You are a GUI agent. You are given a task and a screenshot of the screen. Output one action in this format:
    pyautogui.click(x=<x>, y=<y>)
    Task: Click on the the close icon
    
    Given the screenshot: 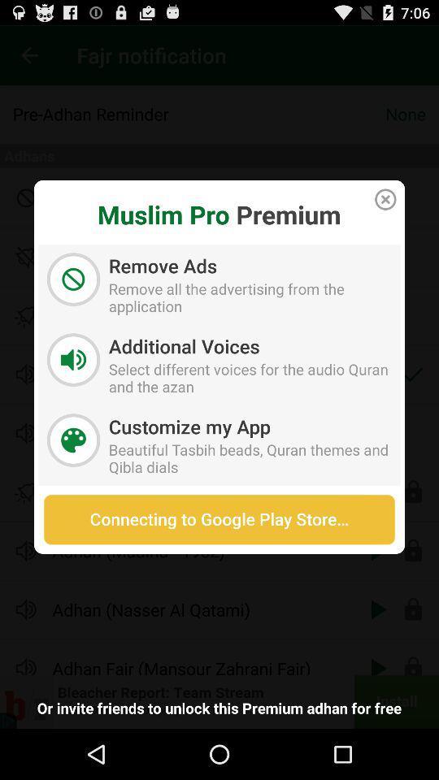 What is the action you would take?
    pyautogui.click(x=385, y=212)
    